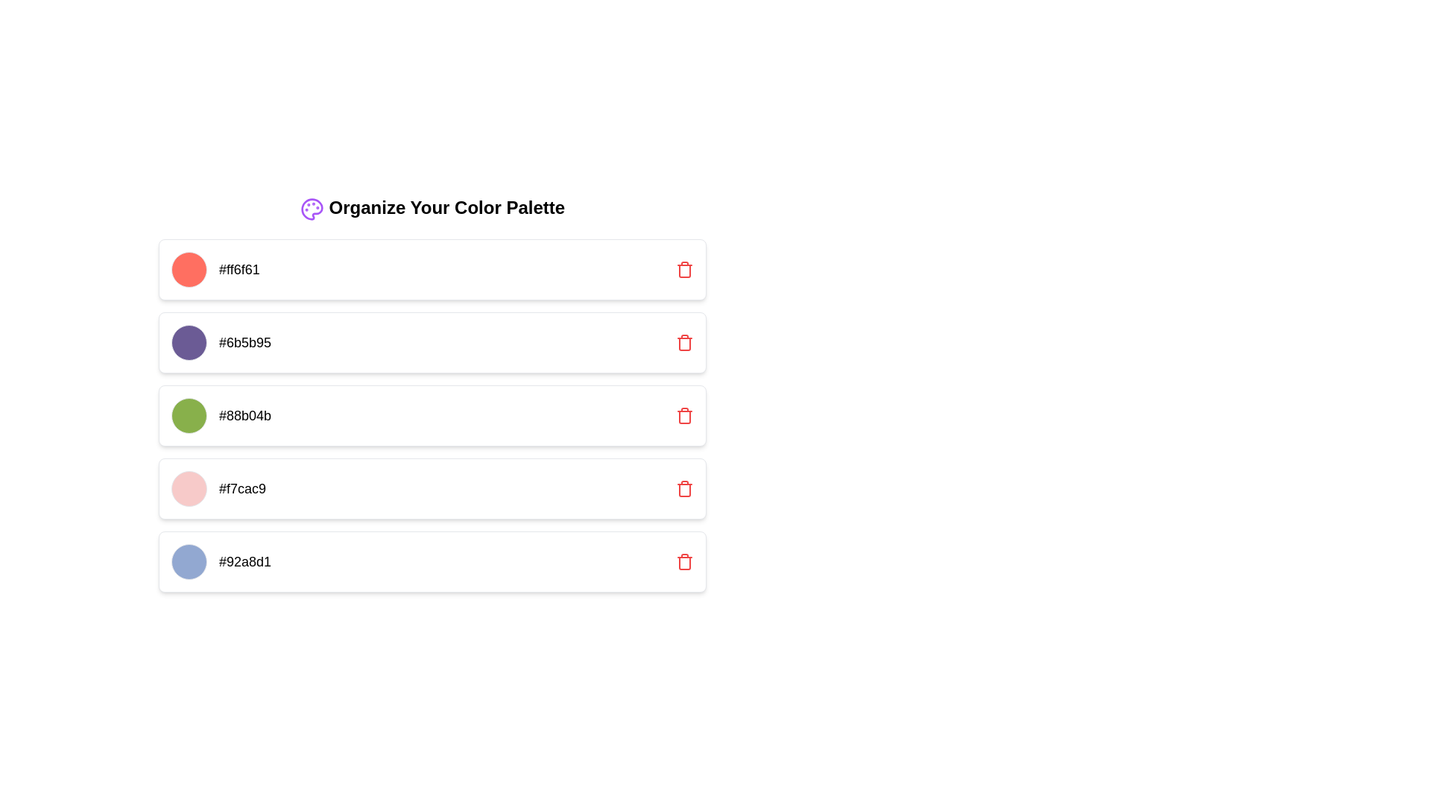 Image resolution: width=1431 pixels, height=805 pixels. What do you see at coordinates (432, 415) in the screenshot?
I see `the third list item displaying the color sample '#88b04b', which is positioned between the items for '#6b5b95' and '#f7cac9' in the vertical list` at bounding box center [432, 415].